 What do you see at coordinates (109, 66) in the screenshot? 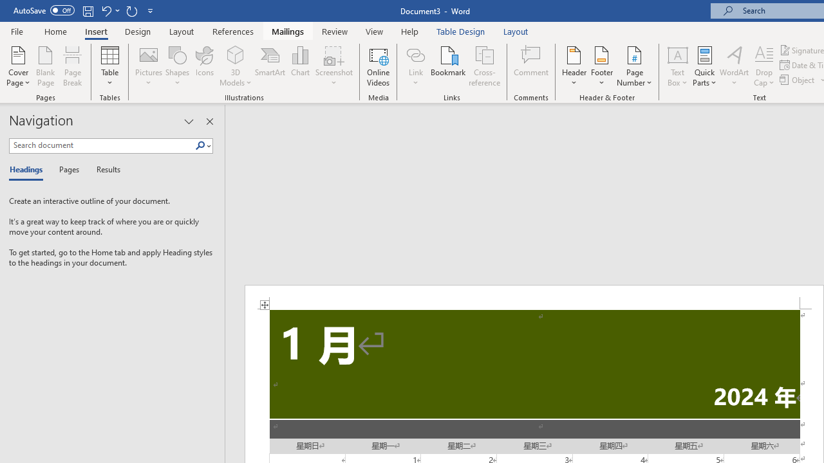
I see `'Table'` at bounding box center [109, 66].